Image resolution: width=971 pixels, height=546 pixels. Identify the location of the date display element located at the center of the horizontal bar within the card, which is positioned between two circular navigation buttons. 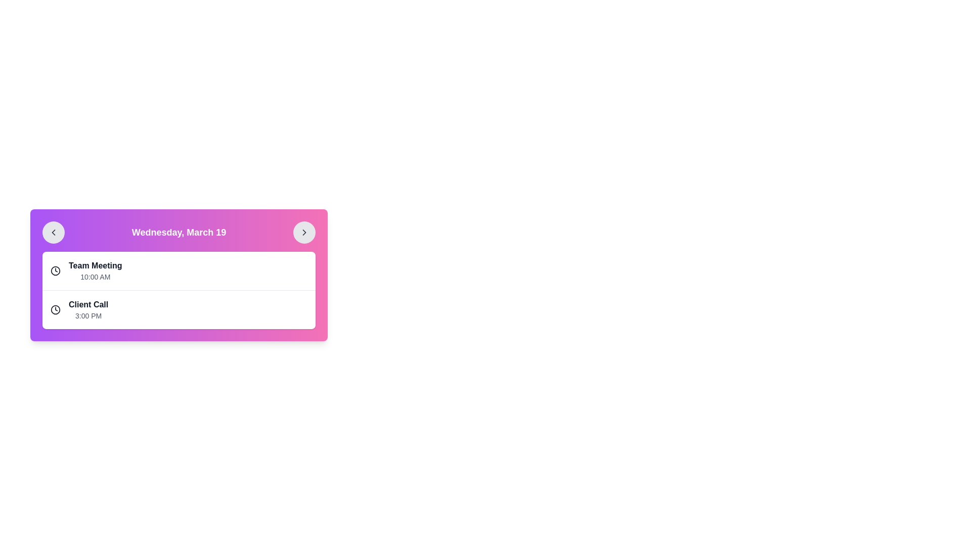
(179, 232).